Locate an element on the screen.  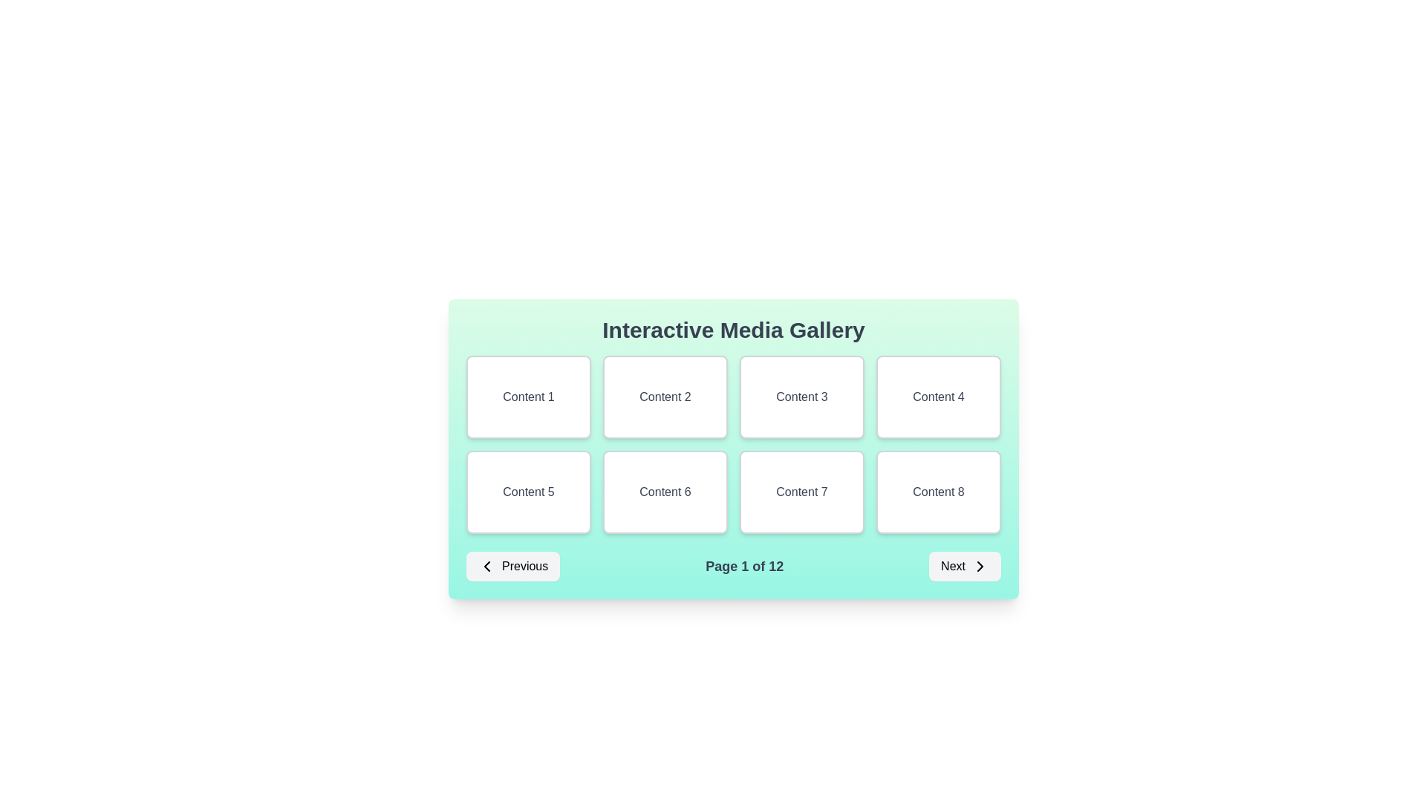
the first item in the grid layout, which is a rectangular static display box with rounded corners, gray border, shadow effect, and contains the text 'Content 1' is located at coordinates (528, 397).